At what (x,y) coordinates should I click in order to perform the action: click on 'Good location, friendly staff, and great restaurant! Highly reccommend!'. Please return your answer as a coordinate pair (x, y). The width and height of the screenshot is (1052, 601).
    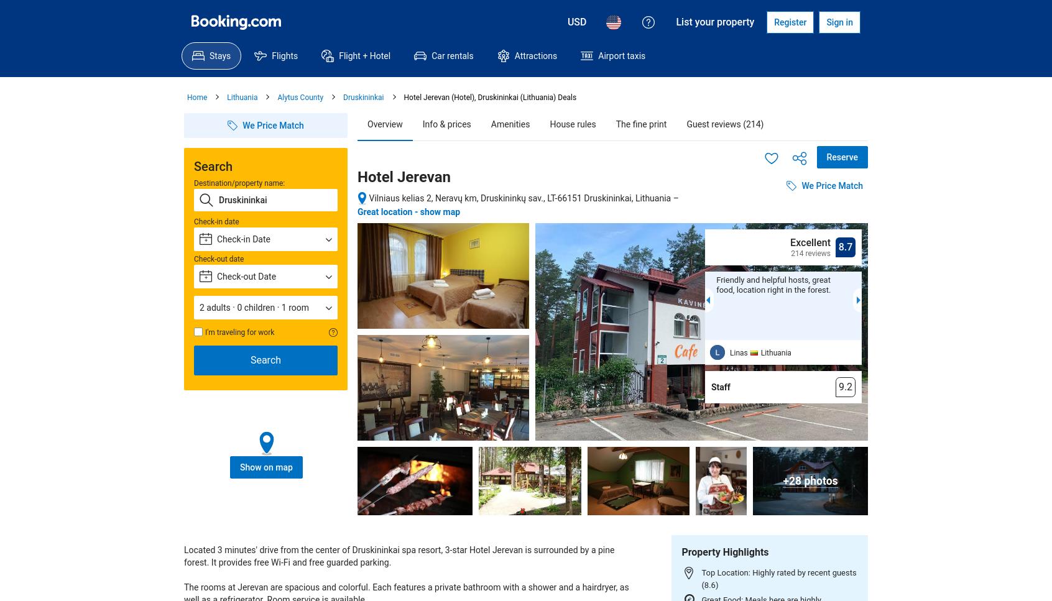
    Looking at the image, I should click on (931, 289).